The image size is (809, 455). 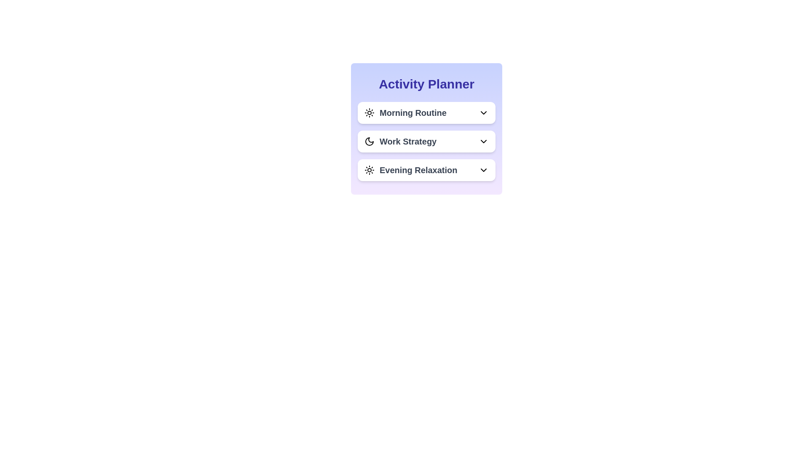 I want to click on the activity icon for Work Strategy, so click(x=370, y=141).